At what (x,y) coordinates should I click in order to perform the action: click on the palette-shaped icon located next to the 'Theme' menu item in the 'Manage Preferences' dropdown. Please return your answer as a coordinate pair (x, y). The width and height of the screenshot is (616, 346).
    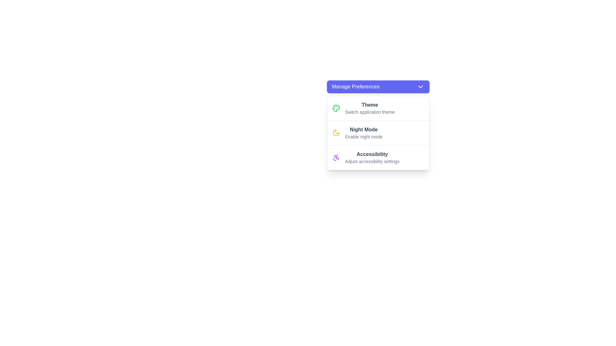
    Looking at the image, I should click on (336, 108).